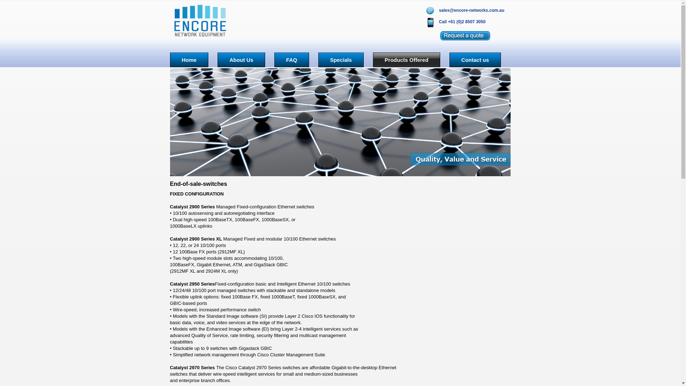 The width and height of the screenshot is (686, 386). Describe the element at coordinates (292, 59) in the screenshot. I see `'FAQ'` at that location.